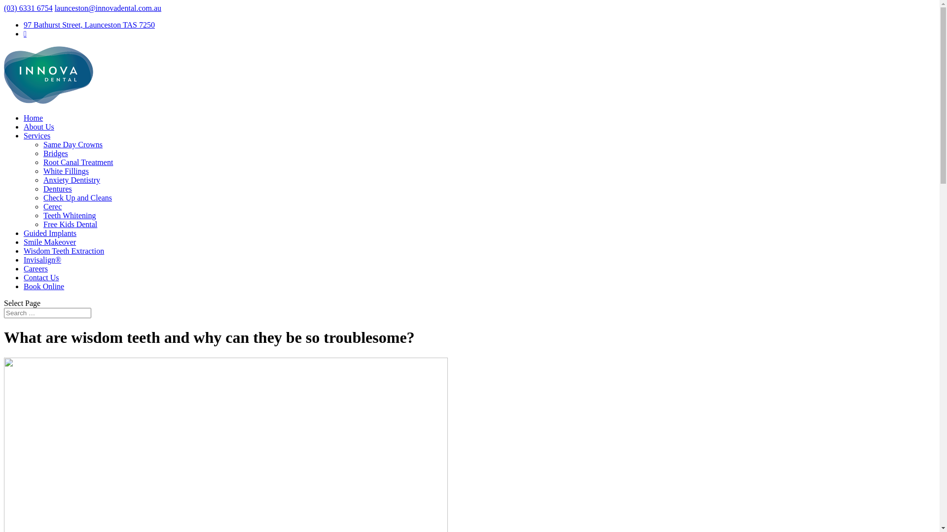 The width and height of the screenshot is (947, 532). What do you see at coordinates (89, 24) in the screenshot?
I see `'97 Bathurst Street, Launceston TAS 7250'` at bounding box center [89, 24].